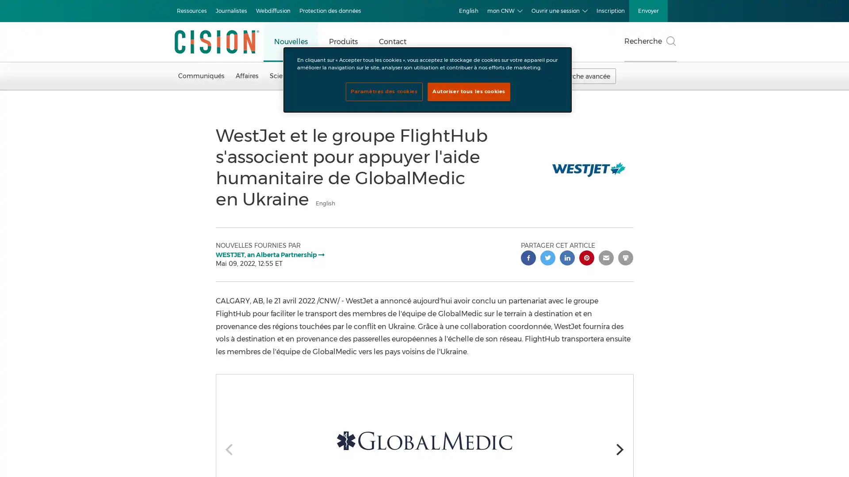 This screenshot has width=849, height=477. Describe the element at coordinates (468, 92) in the screenshot. I see `Autoriser tous les cookies` at that location.